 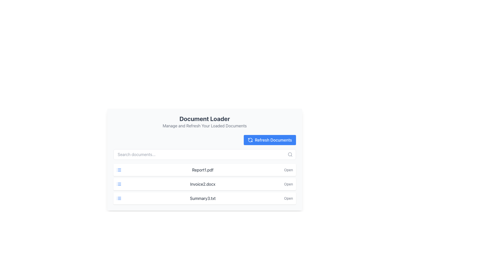 What do you see at coordinates (288, 198) in the screenshot?
I see `the link labeled 'Open' located at the rightmost end of the row displaying the file 'Summary3.txt'` at bounding box center [288, 198].